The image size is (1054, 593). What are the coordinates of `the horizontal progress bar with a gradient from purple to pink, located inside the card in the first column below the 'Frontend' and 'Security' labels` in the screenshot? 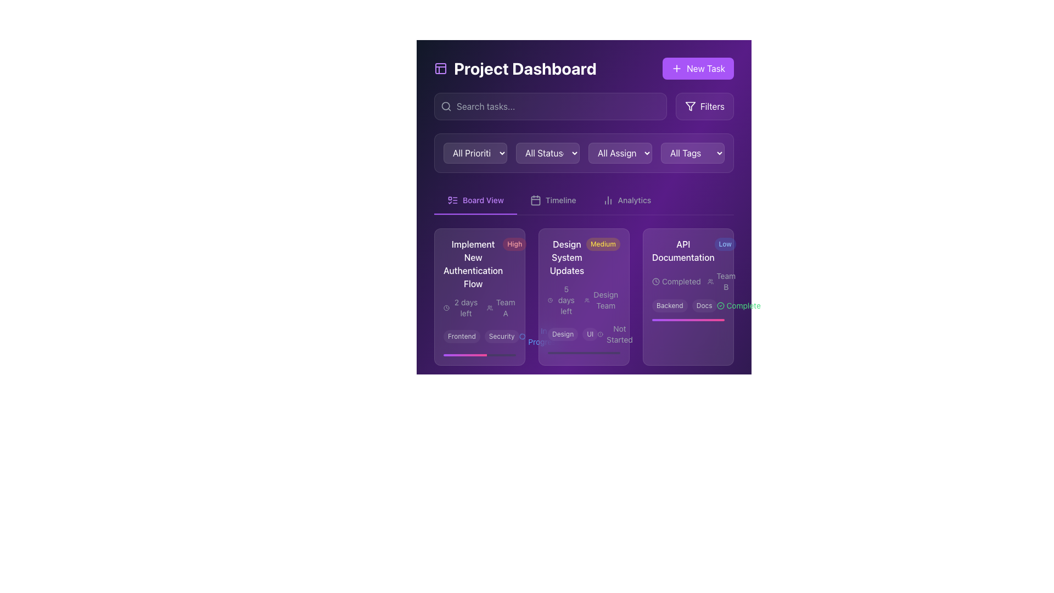 It's located at (465, 355).